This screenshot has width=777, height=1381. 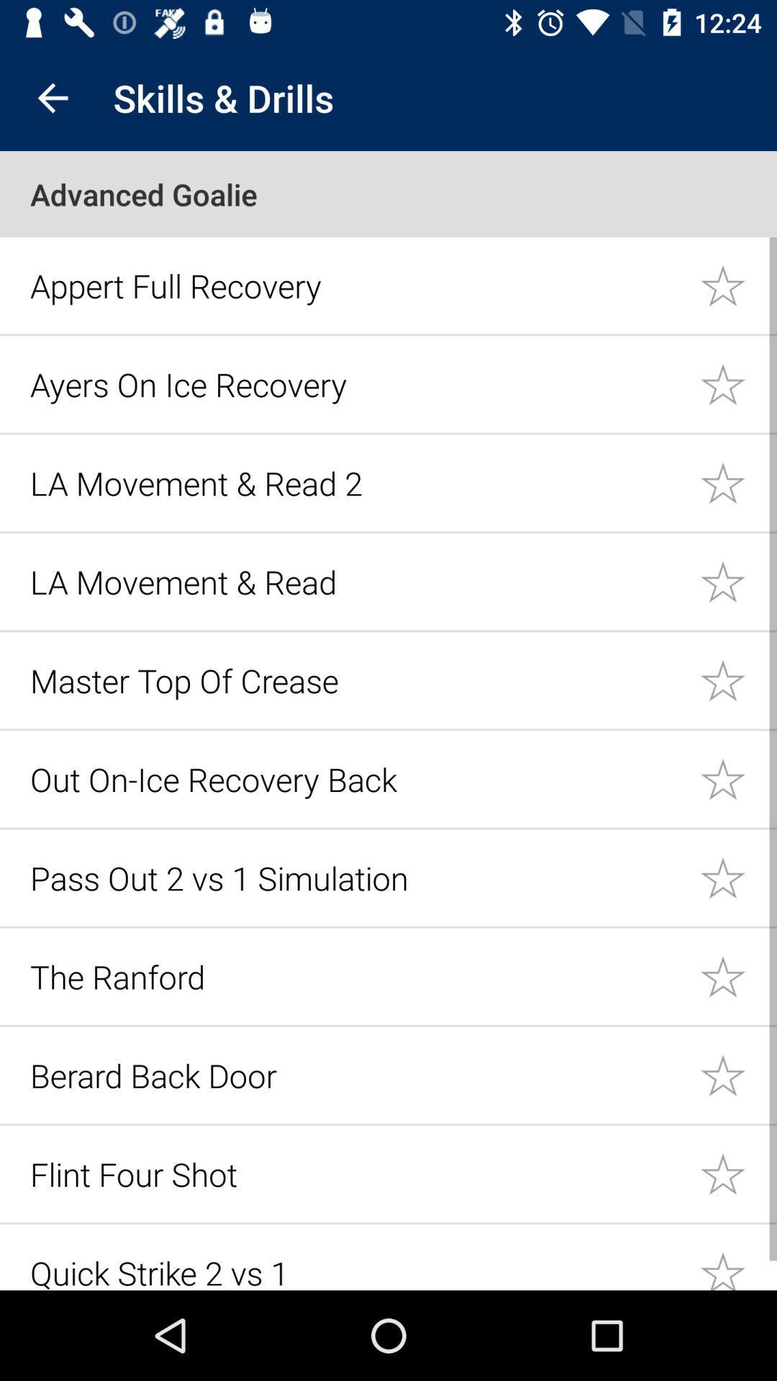 What do you see at coordinates (356, 877) in the screenshot?
I see `the pass out 2` at bounding box center [356, 877].